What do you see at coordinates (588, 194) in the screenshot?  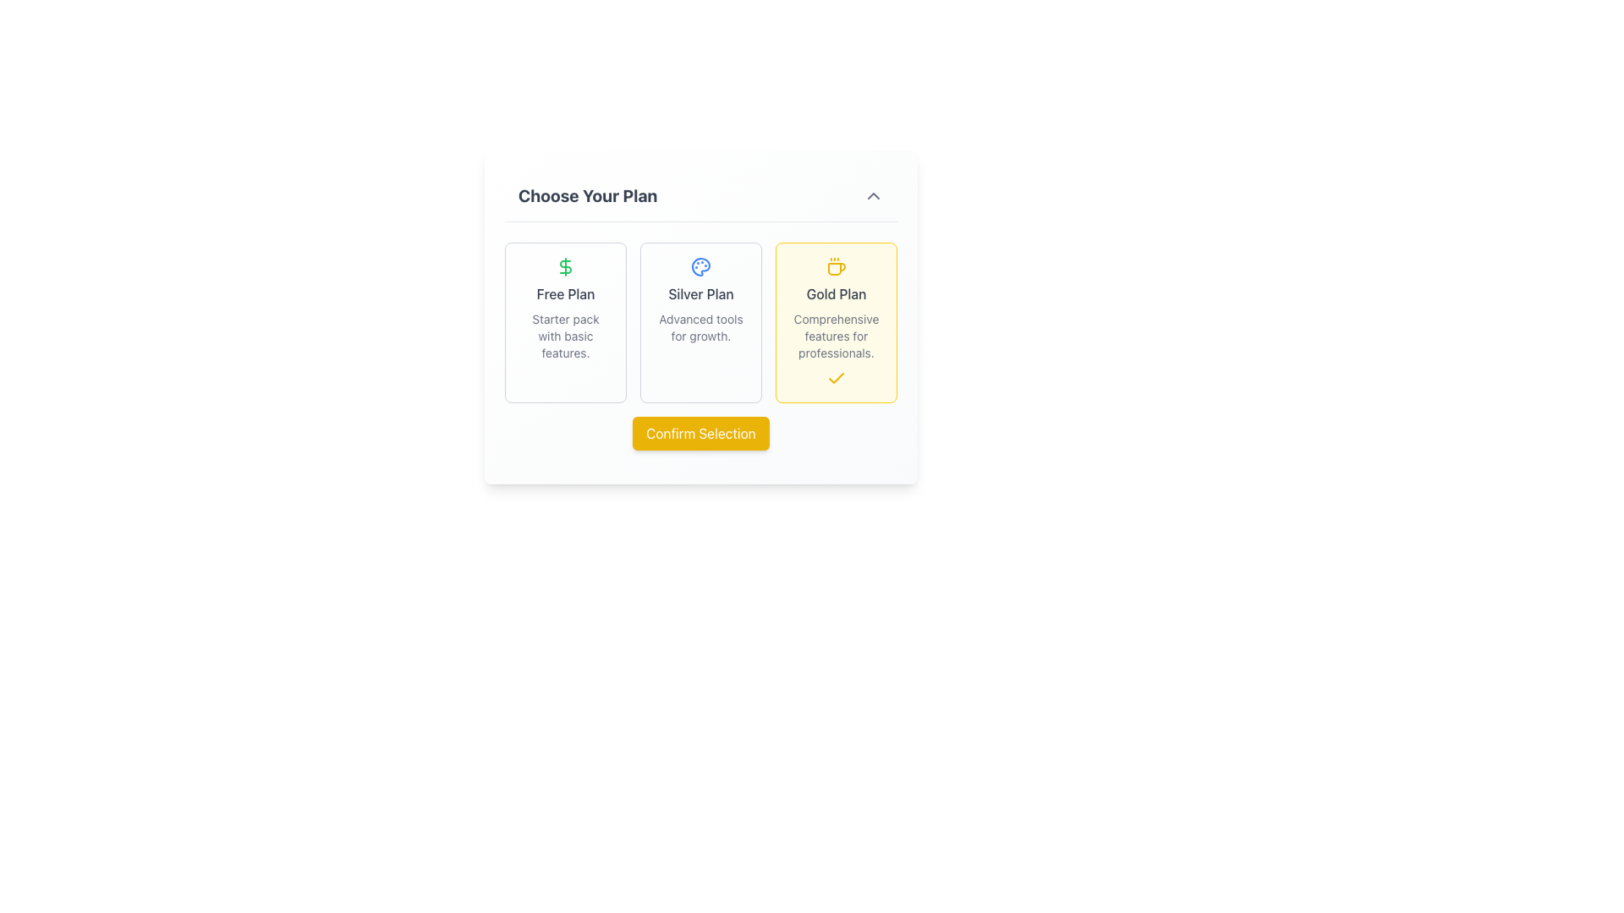 I see `Text Label that serves as a title or heading for the section, located in the header section of the card layout to the left of the expansion indicator icon` at bounding box center [588, 194].